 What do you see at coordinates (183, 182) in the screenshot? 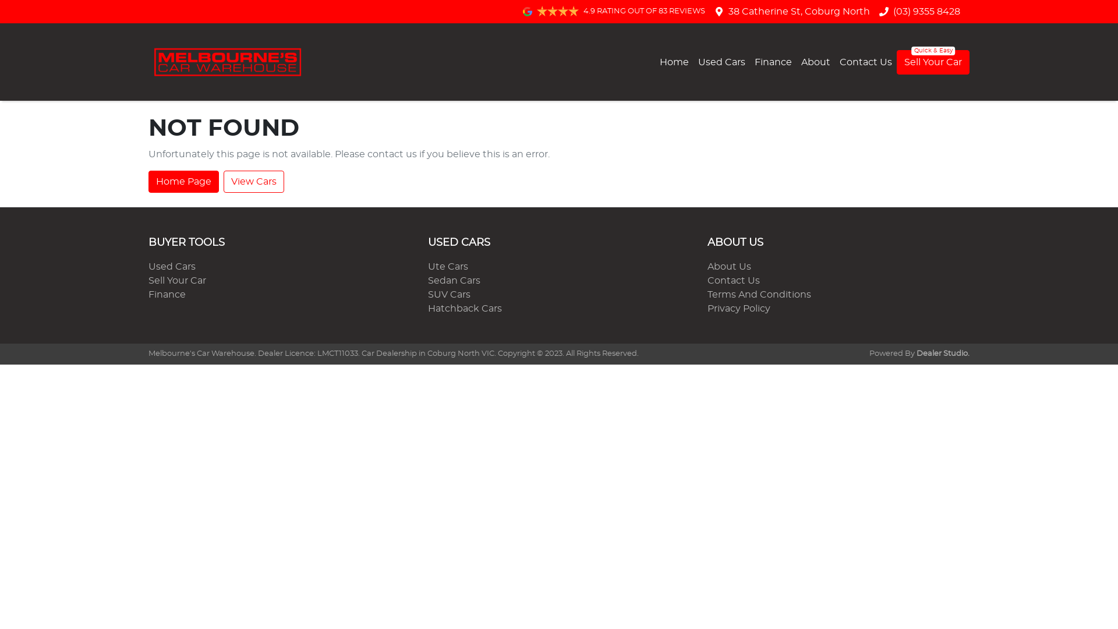
I see `'Home Page'` at bounding box center [183, 182].